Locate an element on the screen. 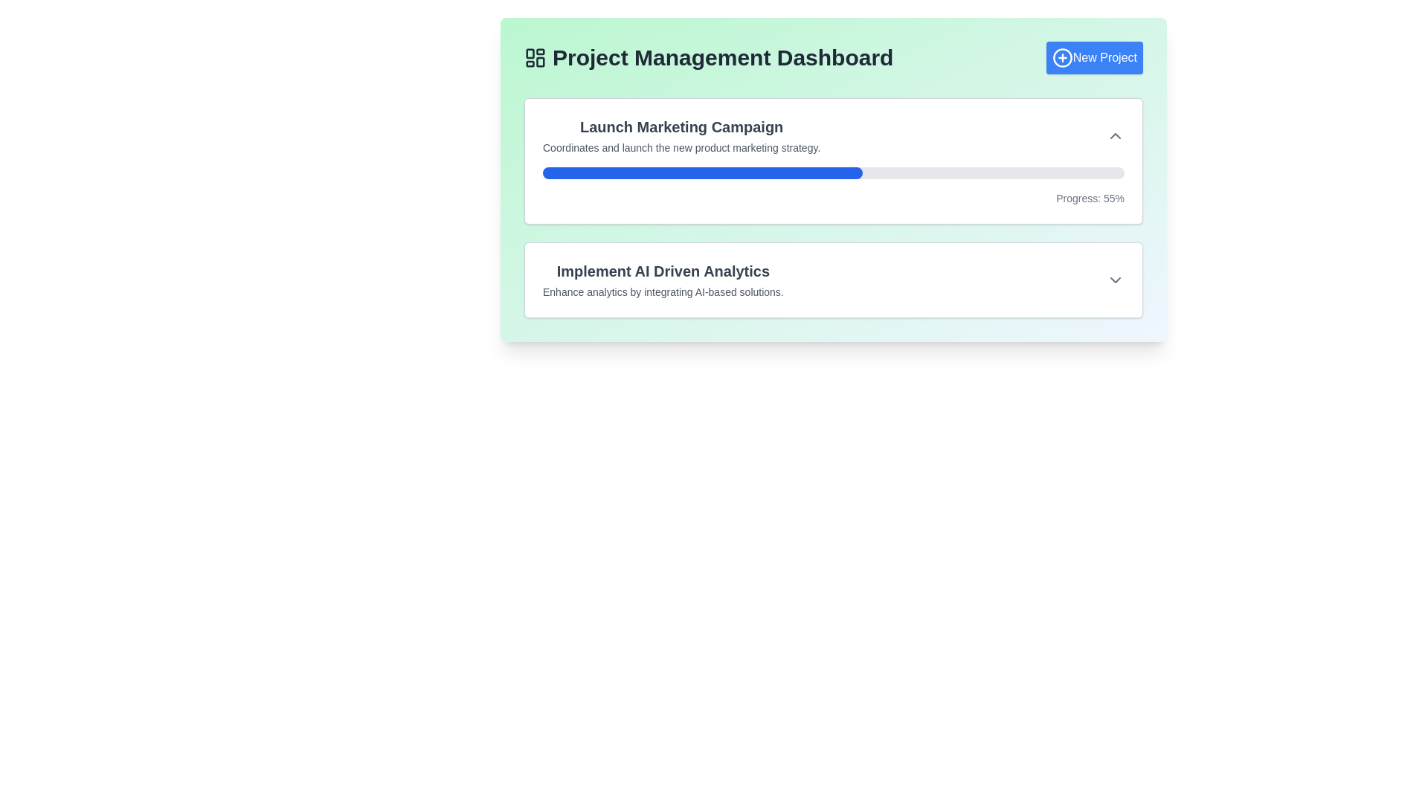 The height and width of the screenshot is (803, 1428). progress is located at coordinates (693, 172).